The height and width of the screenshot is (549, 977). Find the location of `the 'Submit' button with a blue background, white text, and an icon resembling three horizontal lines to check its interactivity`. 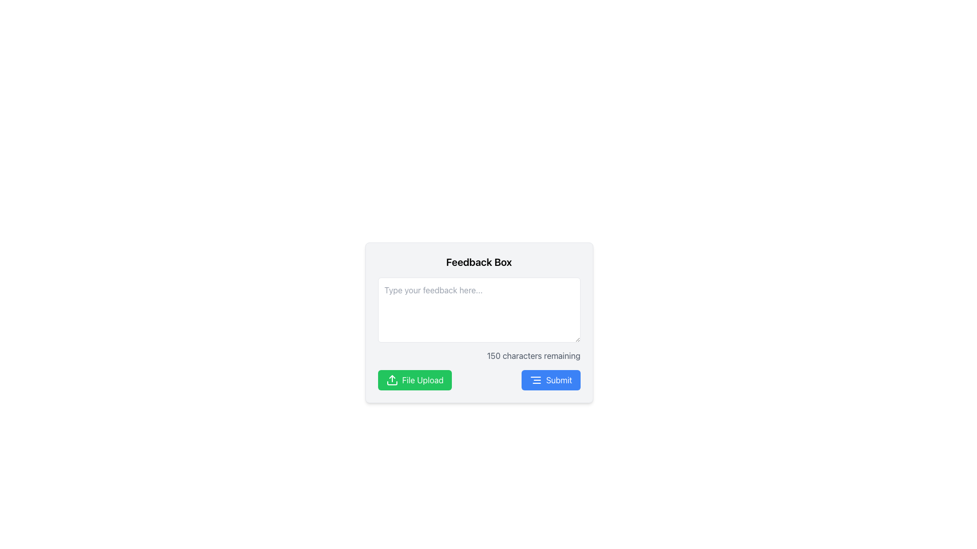

the 'Submit' button with a blue background, white text, and an icon resembling three horizontal lines to check its interactivity is located at coordinates (550, 380).